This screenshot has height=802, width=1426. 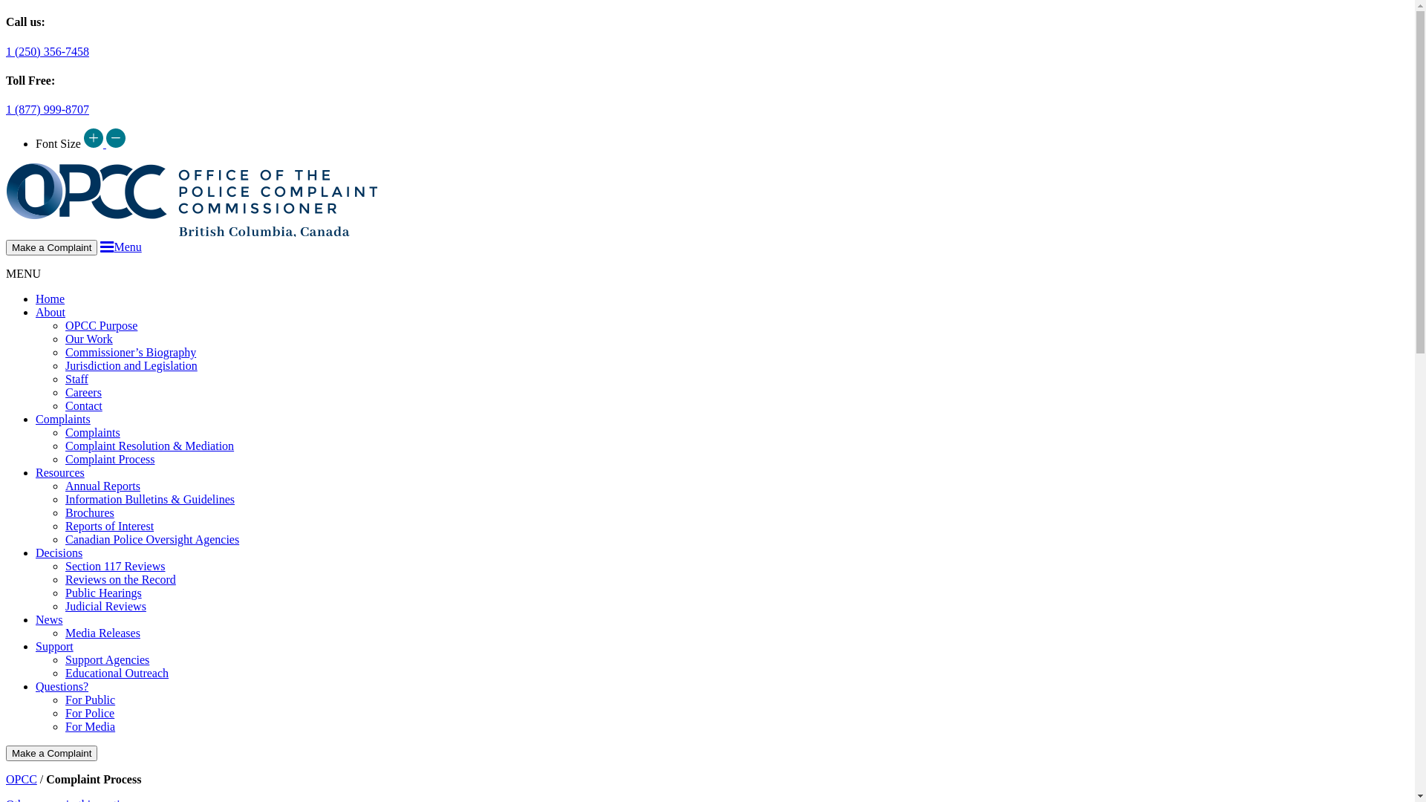 What do you see at coordinates (21, 778) in the screenshot?
I see `'OPCC'` at bounding box center [21, 778].